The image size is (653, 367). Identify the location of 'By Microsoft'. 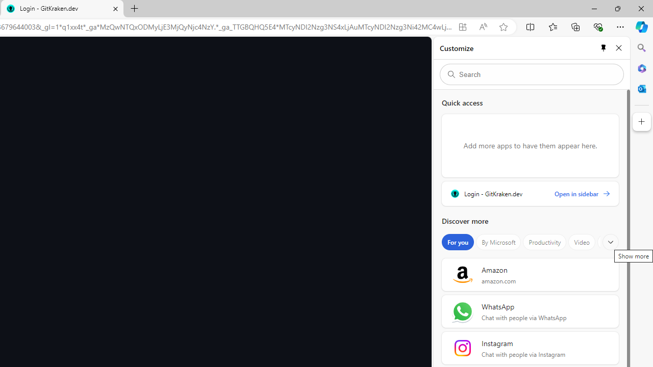
(498, 242).